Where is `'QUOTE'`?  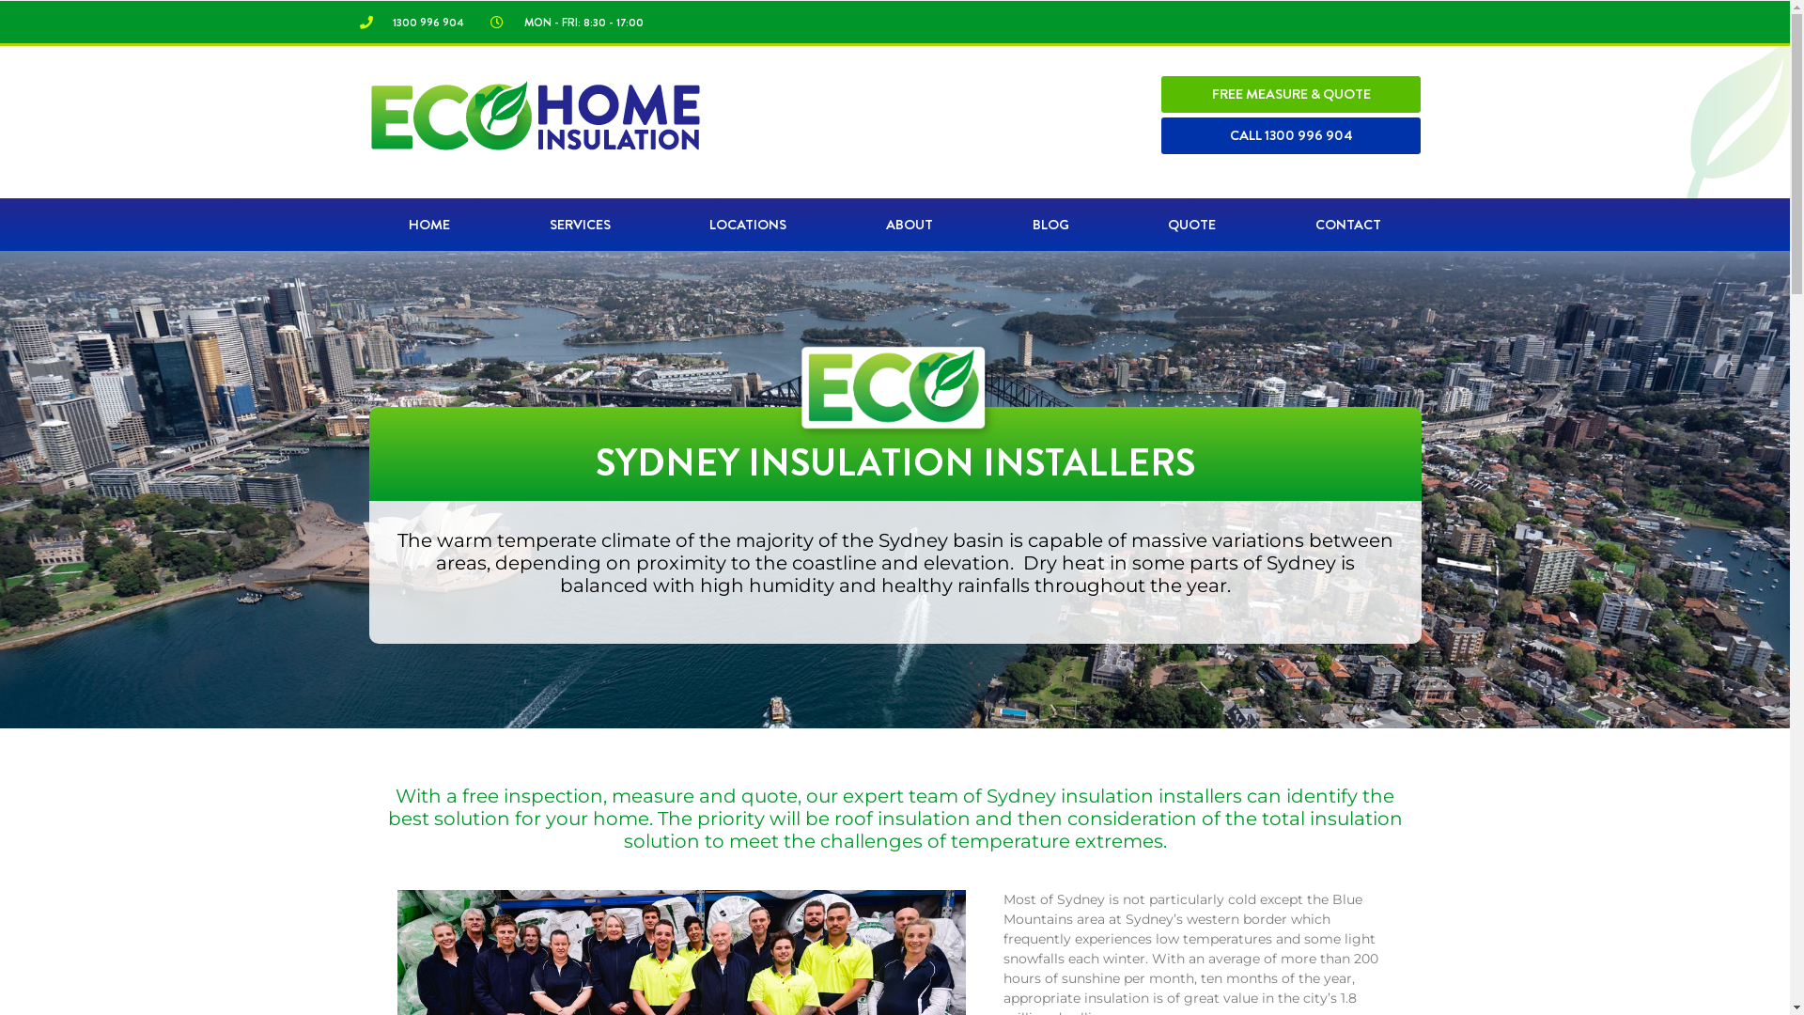
'QUOTE' is located at coordinates (1190, 224).